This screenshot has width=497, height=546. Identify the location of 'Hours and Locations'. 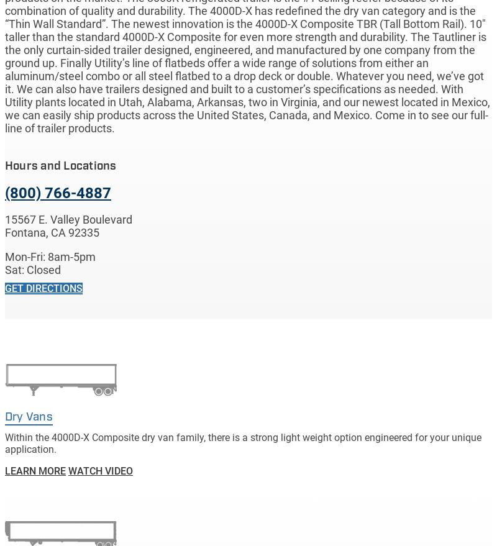
(60, 165).